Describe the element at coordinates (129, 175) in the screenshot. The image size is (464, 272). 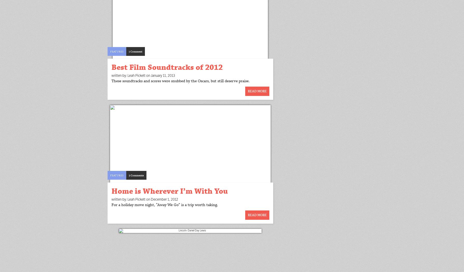
I see `'2 Comments'` at that location.